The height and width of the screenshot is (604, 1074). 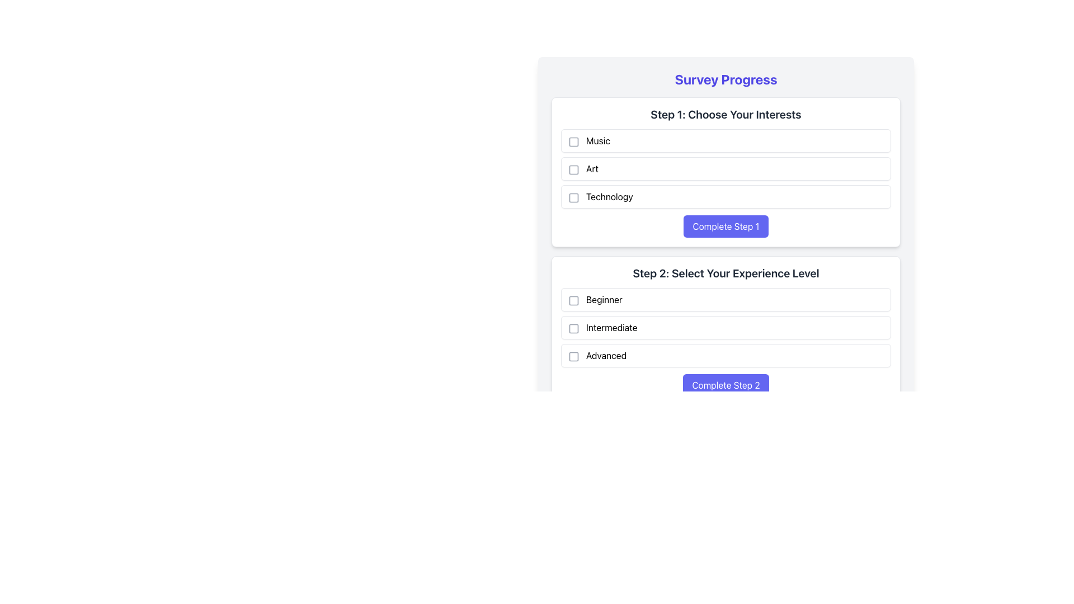 What do you see at coordinates (574, 169) in the screenshot?
I see `the graphical representation of the checkbox for the 'Art' option in the 'Step 1: Choose Your Interests' list` at bounding box center [574, 169].